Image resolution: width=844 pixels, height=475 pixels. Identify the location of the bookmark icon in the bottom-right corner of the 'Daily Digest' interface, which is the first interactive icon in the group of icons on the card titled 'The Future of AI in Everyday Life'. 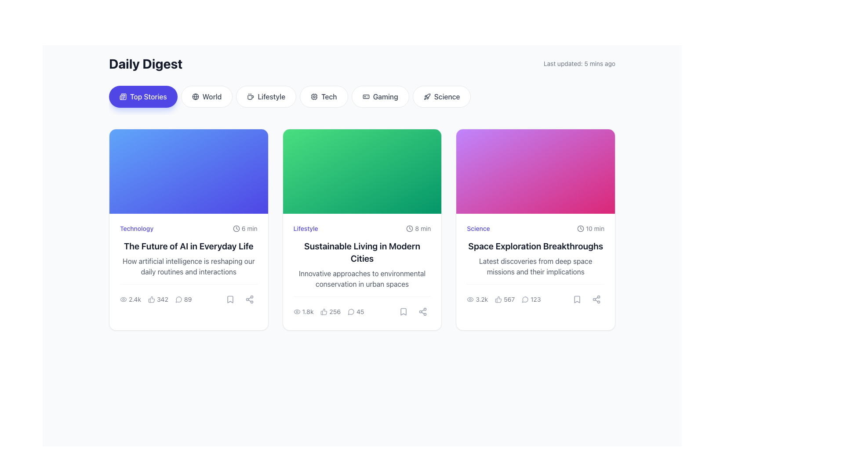
(230, 299).